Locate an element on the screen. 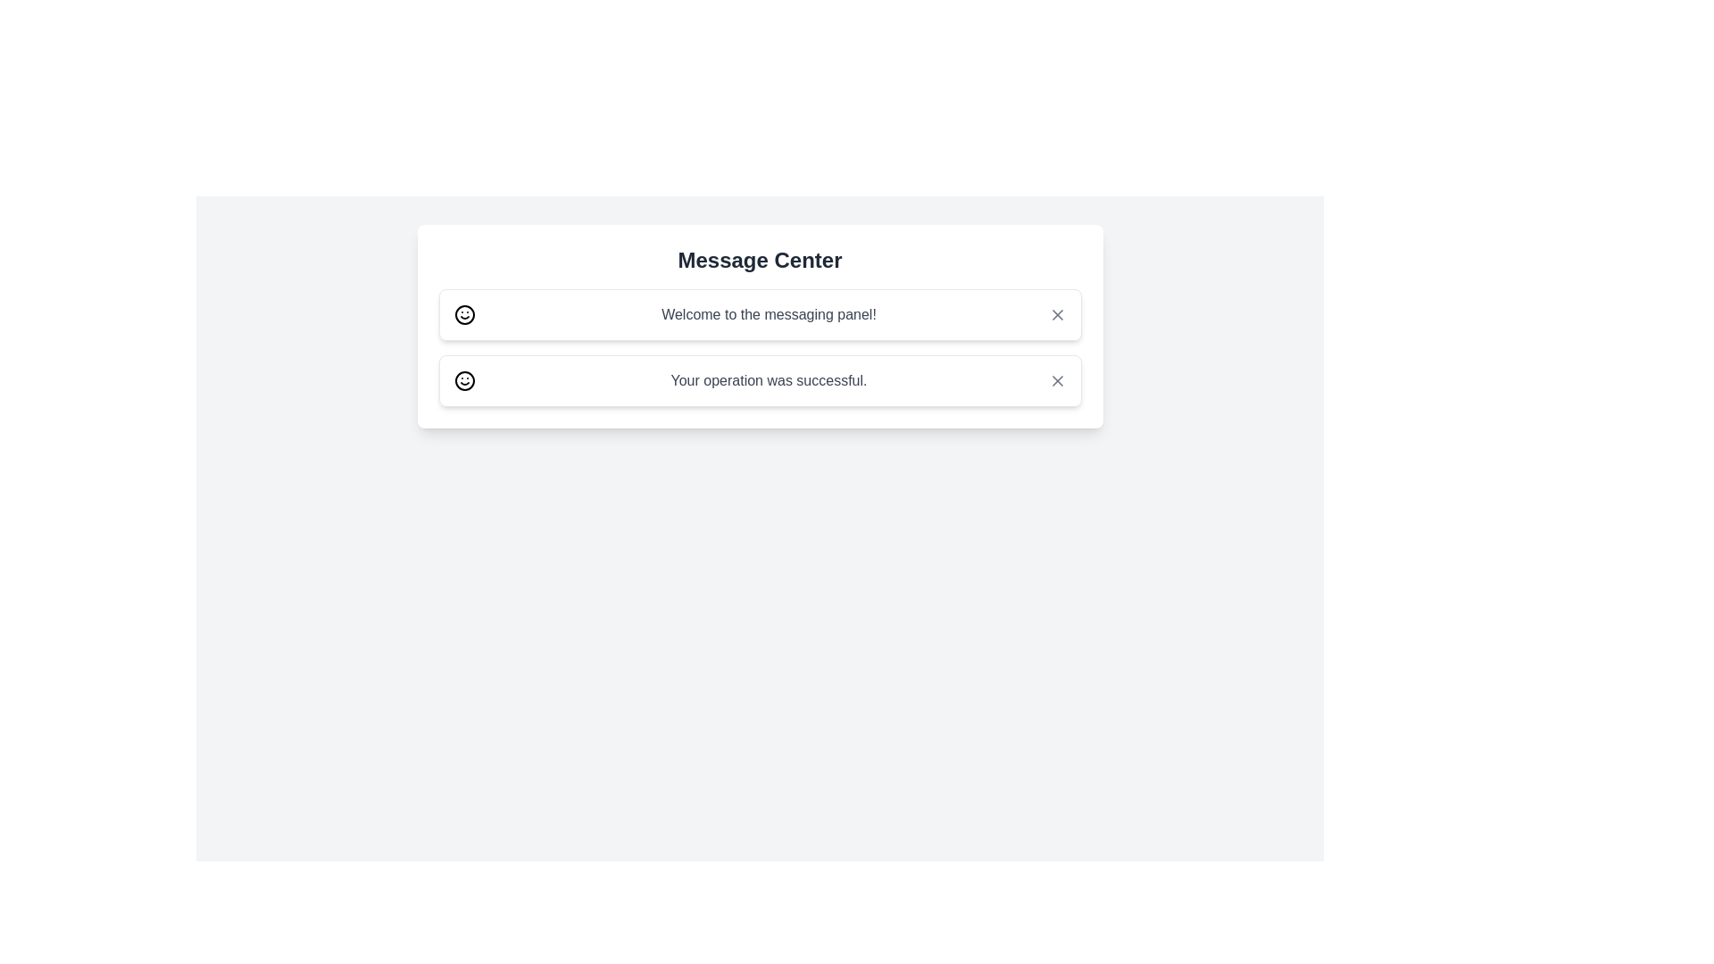  the main circular boundary of the smiley face icon located in the notification message area next to the text 'Your operation was successful.' is located at coordinates (464, 380).